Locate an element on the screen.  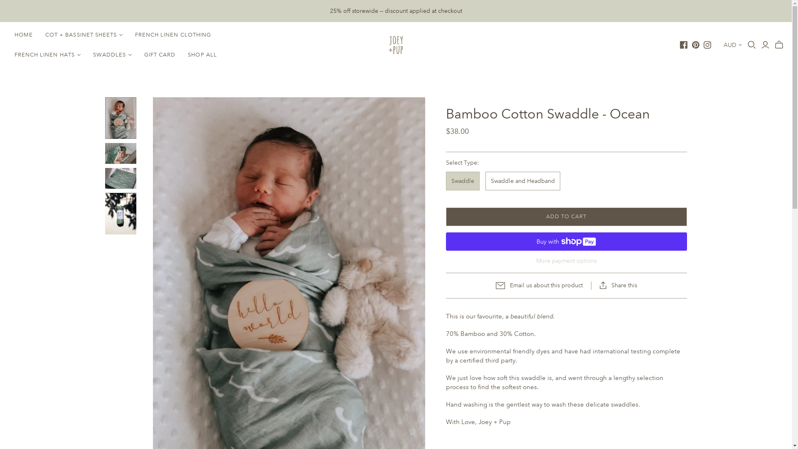
'COT + BASSINET SHEETS' is located at coordinates (39, 35).